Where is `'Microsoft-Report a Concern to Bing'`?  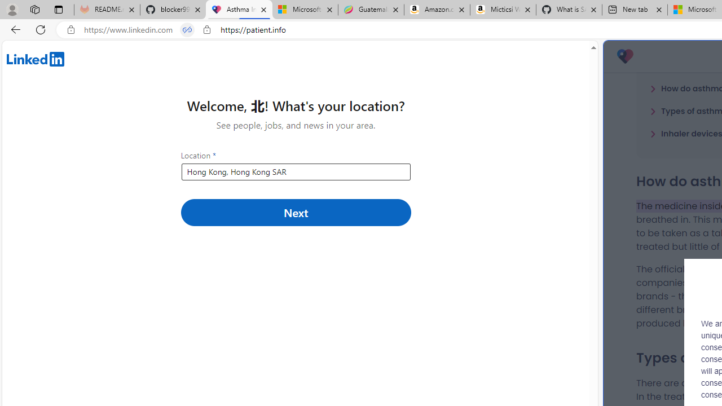
'Microsoft-Report a Concern to Bing' is located at coordinates (305, 10).